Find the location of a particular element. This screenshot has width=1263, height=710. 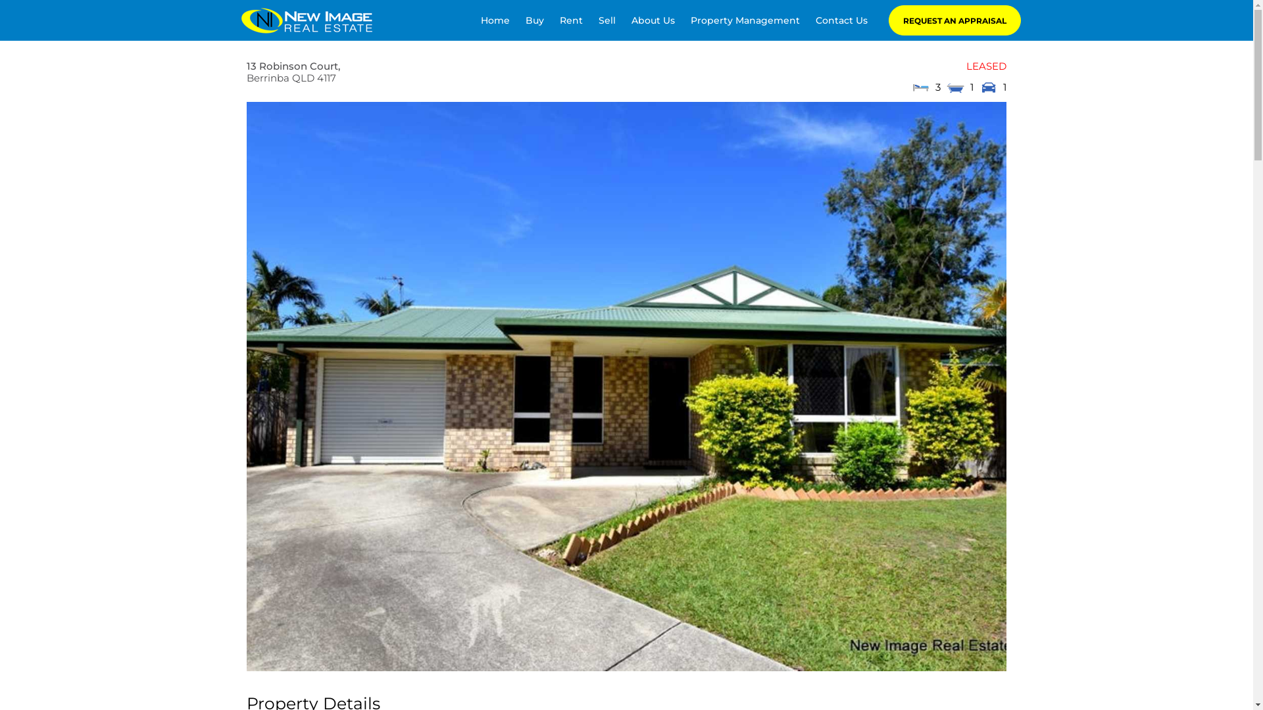

'About Us' is located at coordinates (631, 20).